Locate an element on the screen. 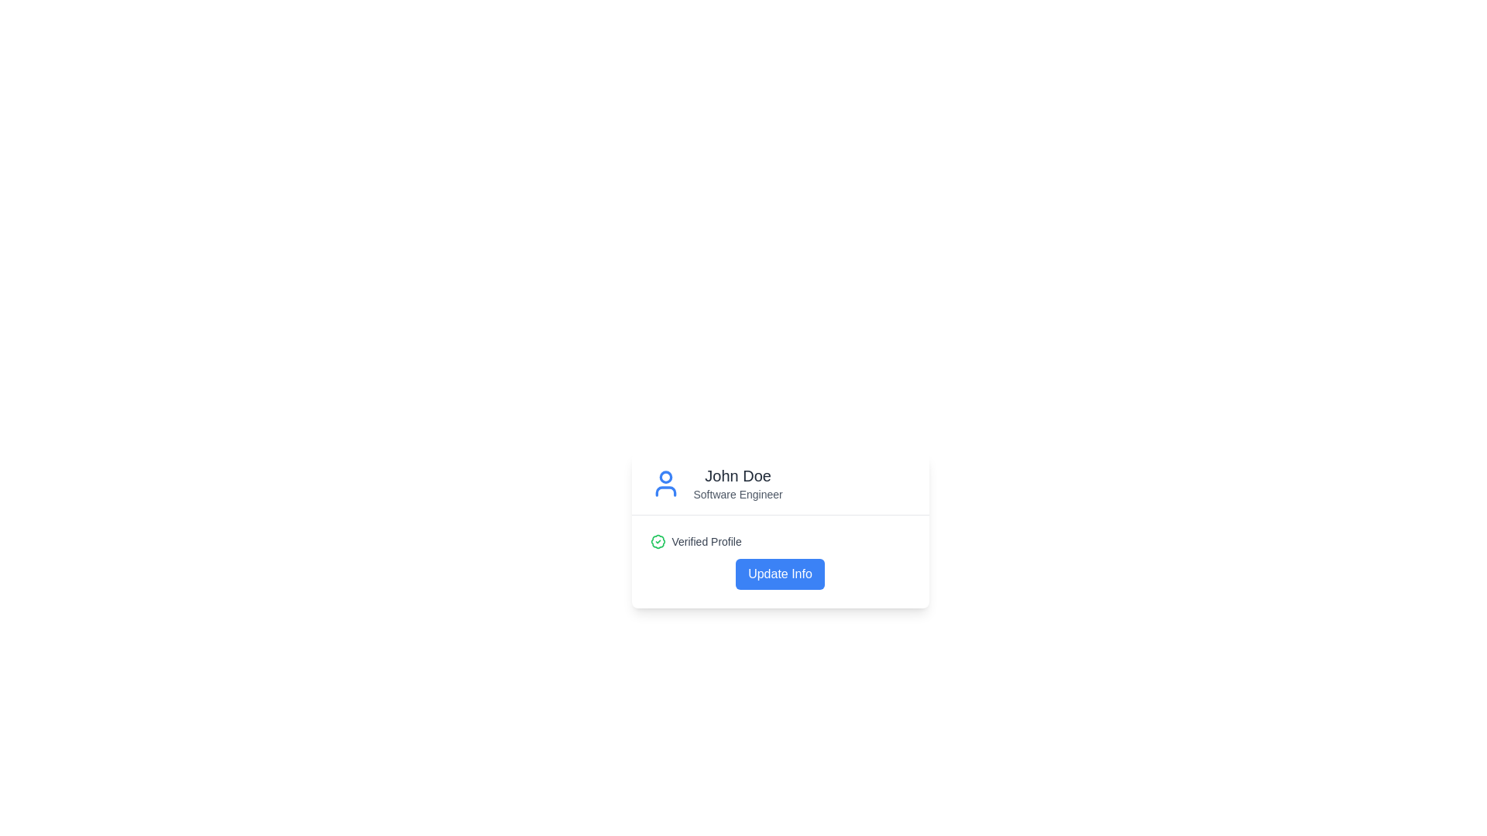 This screenshot has width=1487, height=836. the descriptive text displaying the name 'John Doe' which is located above the text 'Software Engineer' in the profile layout is located at coordinates (737, 475).